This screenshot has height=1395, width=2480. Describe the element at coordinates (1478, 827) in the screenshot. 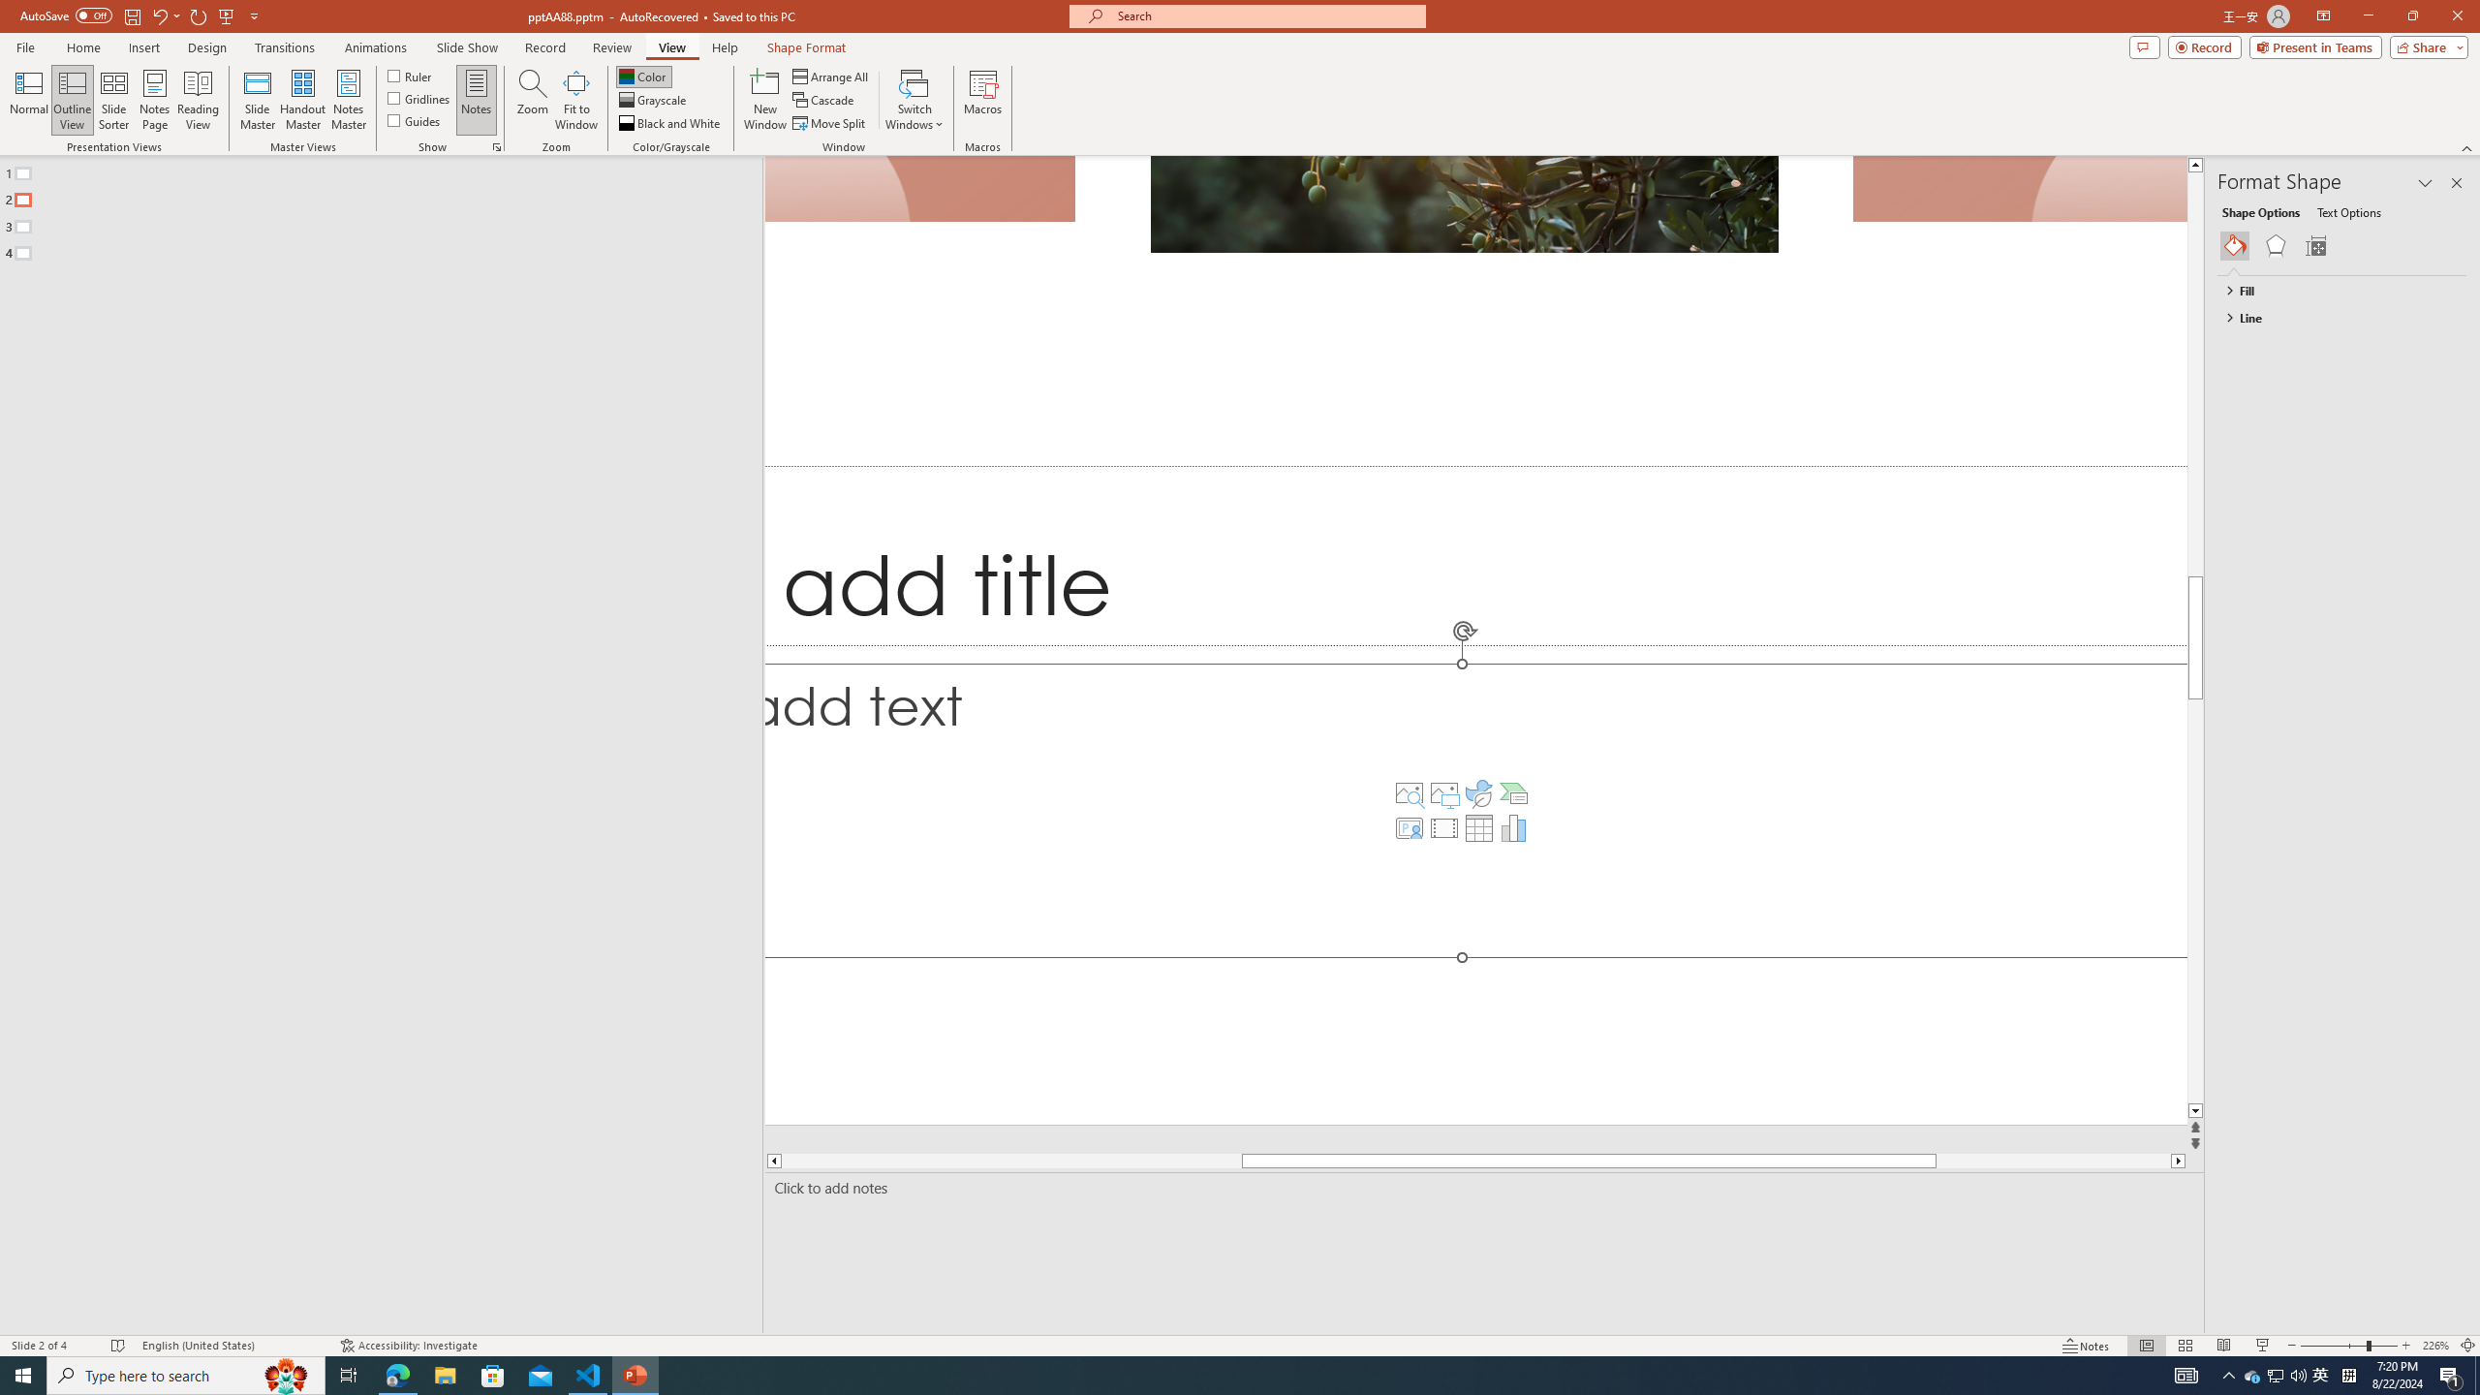

I see `'Insert Table'` at that location.